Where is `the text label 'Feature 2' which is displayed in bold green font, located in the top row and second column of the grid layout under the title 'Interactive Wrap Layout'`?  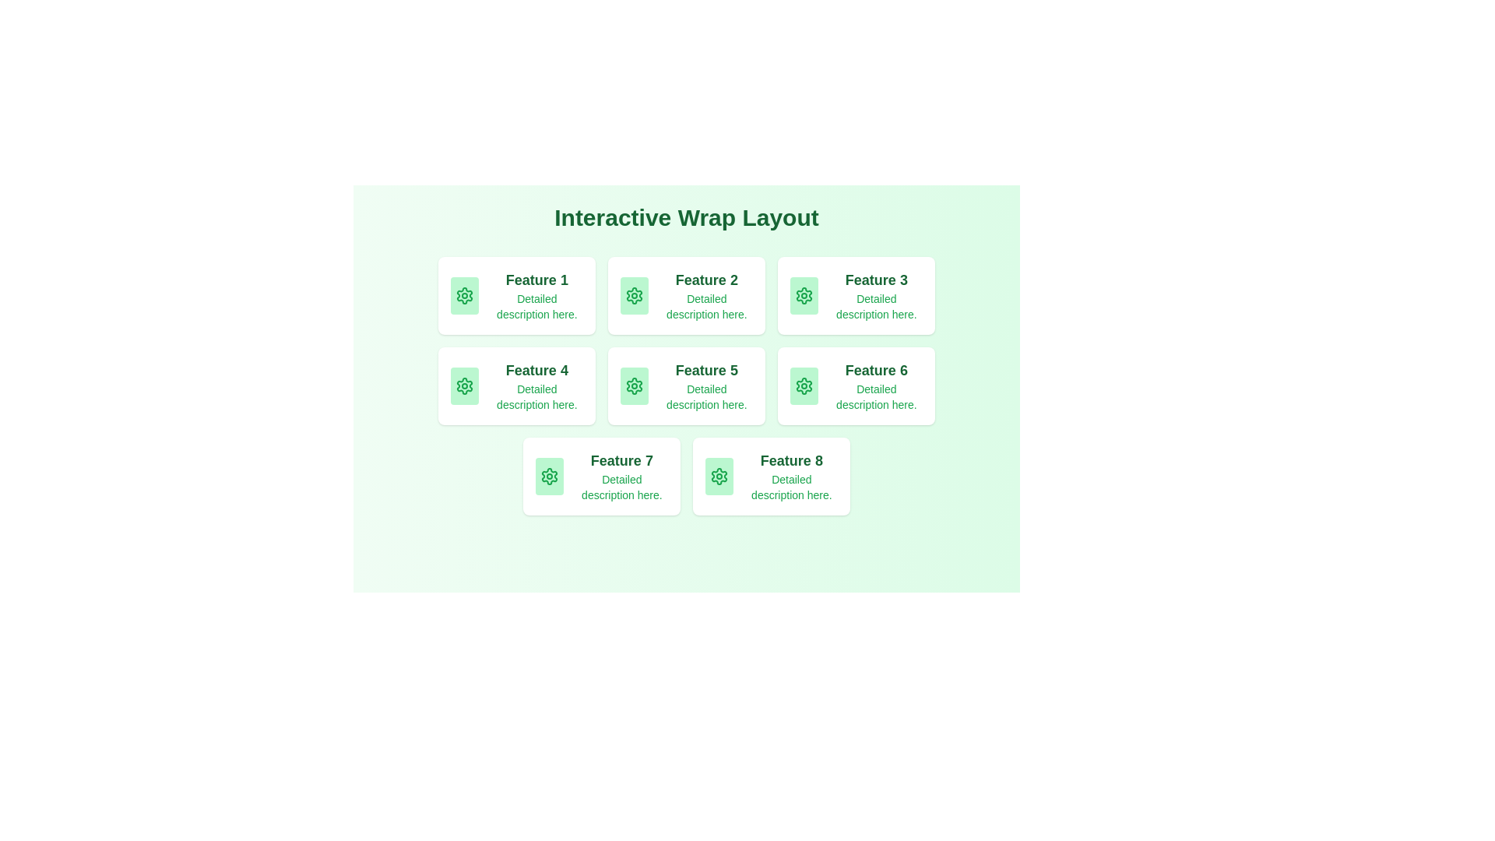
the text label 'Feature 2' which is displayed in bold green font, located in the top row and second column of the grid layout under the title 'Interactive Wrap Layout' is located at coordinates (705, 279).